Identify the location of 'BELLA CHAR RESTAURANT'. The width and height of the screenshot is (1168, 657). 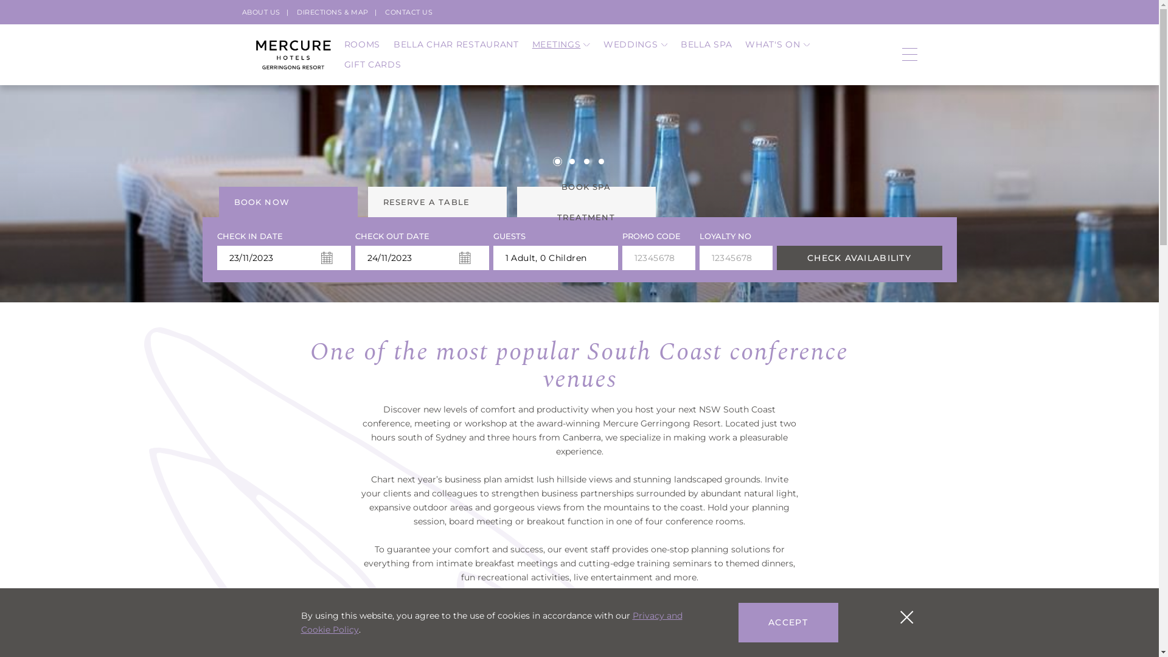
(394, 44).